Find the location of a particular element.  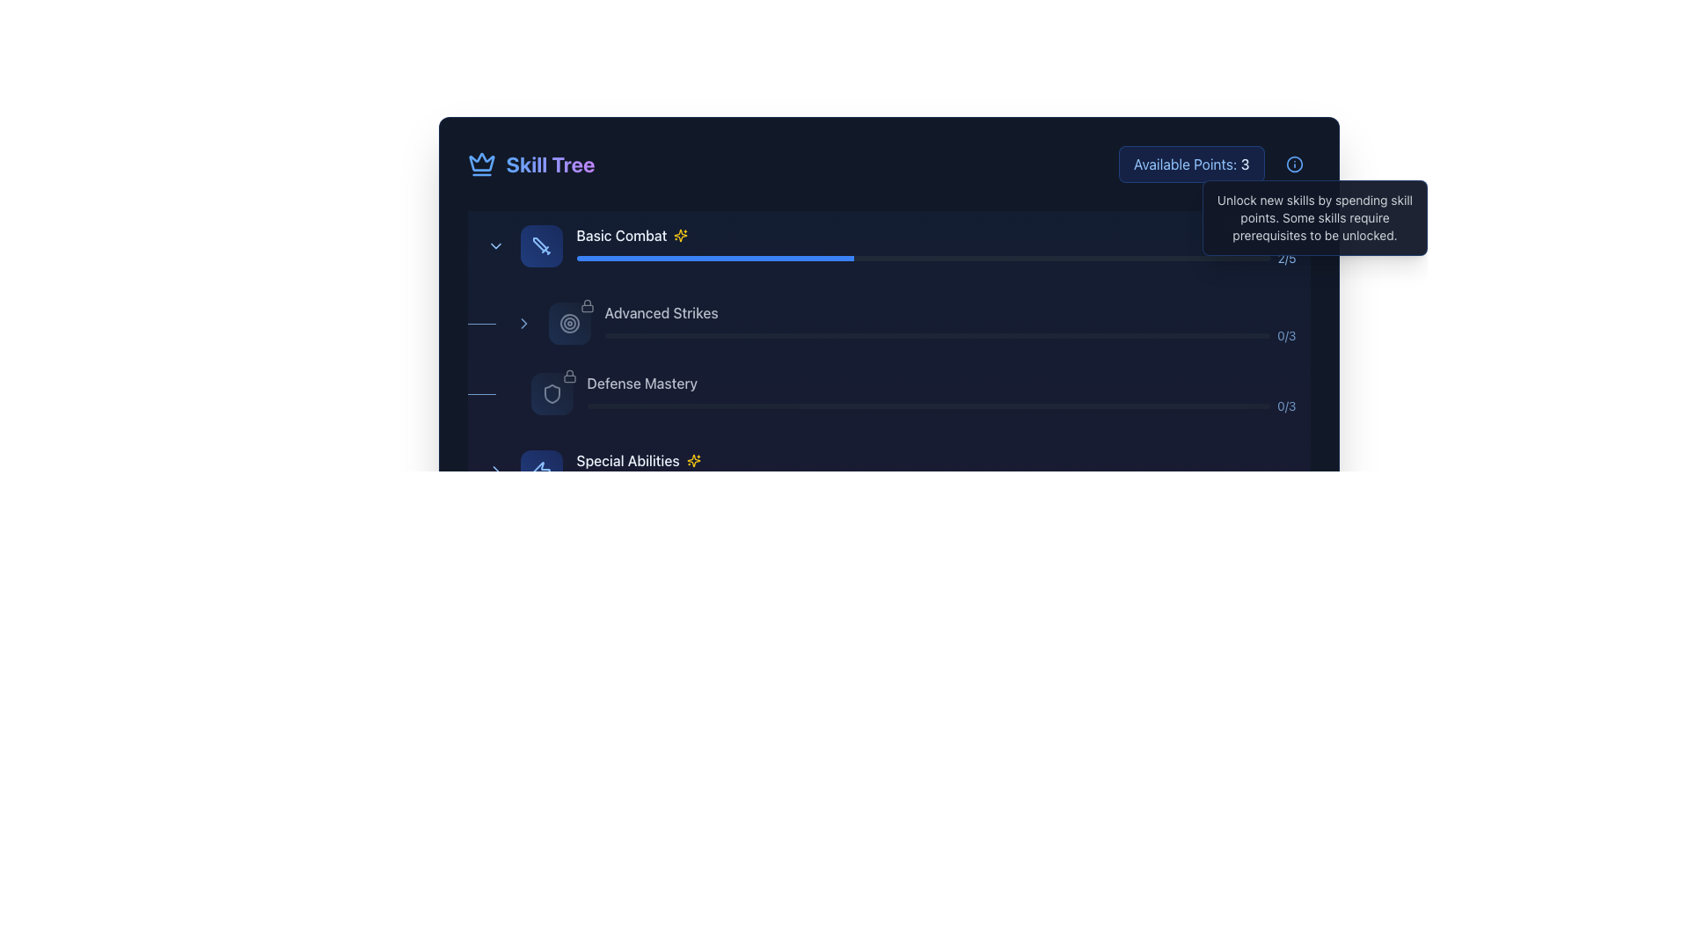

the small blue sword icon in the 'Basic Combat' section of the 'Skill Tree', which is the first icon in the list of skill categories is located at coordinates (540, 246).